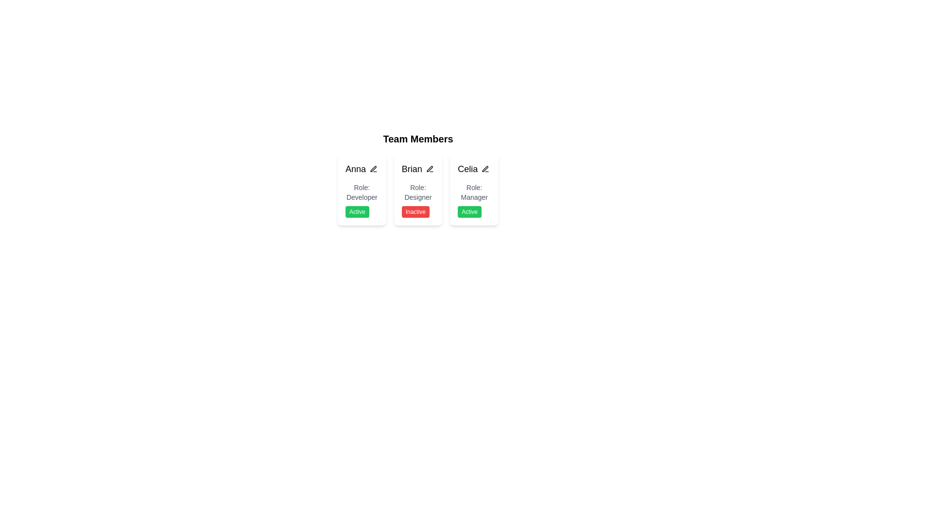  Describe the element at coordinates (429, 168) in the screenshot. I see `the pen icon located at the top-right corner of Brian's card to initiate the edit action for modifying details associated with the card content` at that location.